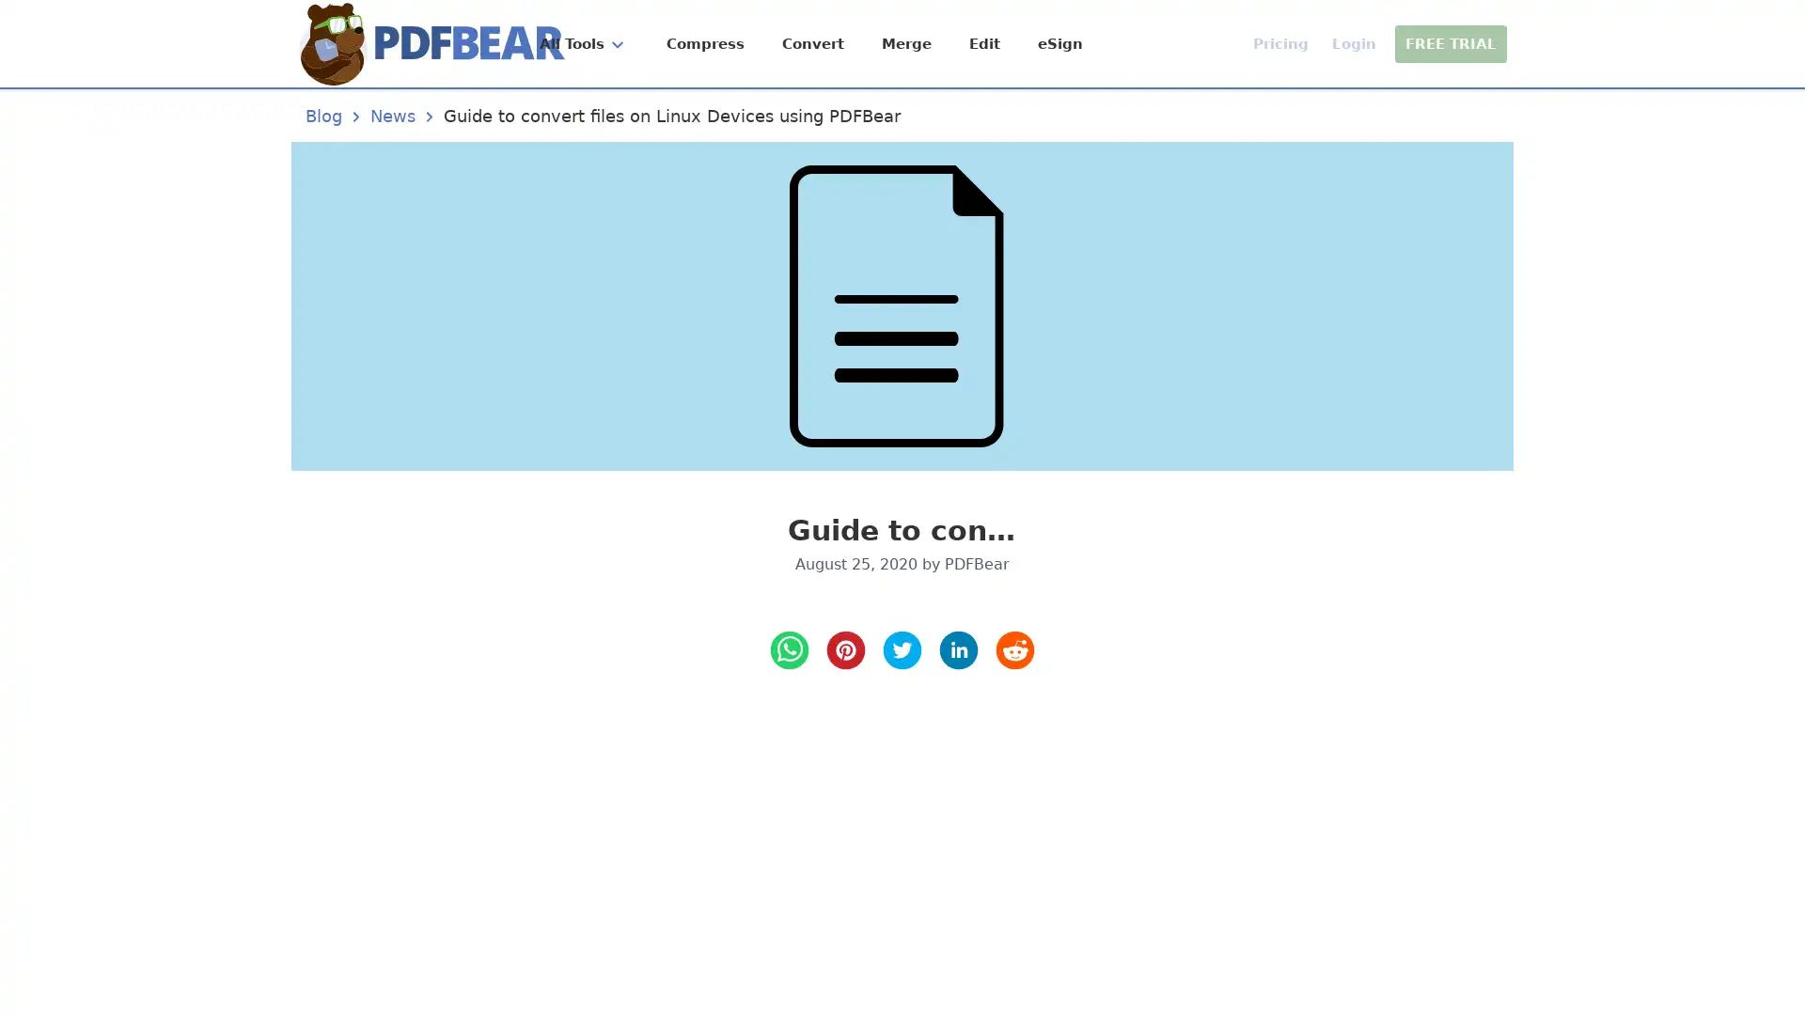 The height and width of the screenshot is (1015, 1805). Describe the element at coordinates (431, 42) in the screenshot. I see `Home Page` at that location.